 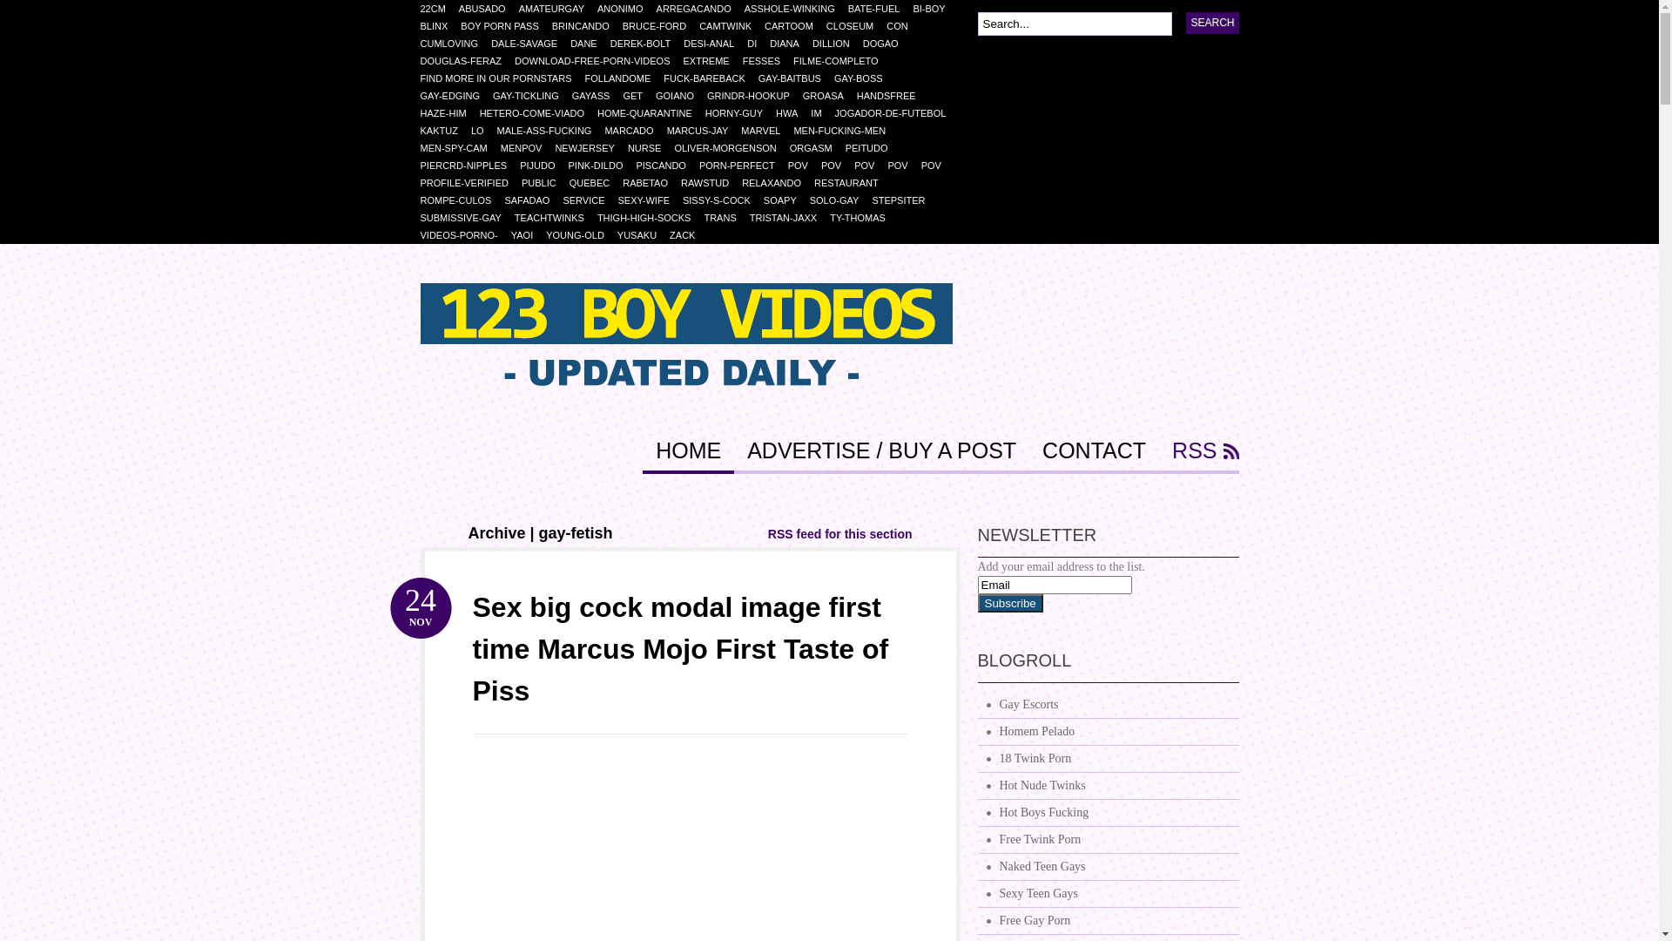 I want to click on 'Free Twink Porn', so click(x=977, y=839).